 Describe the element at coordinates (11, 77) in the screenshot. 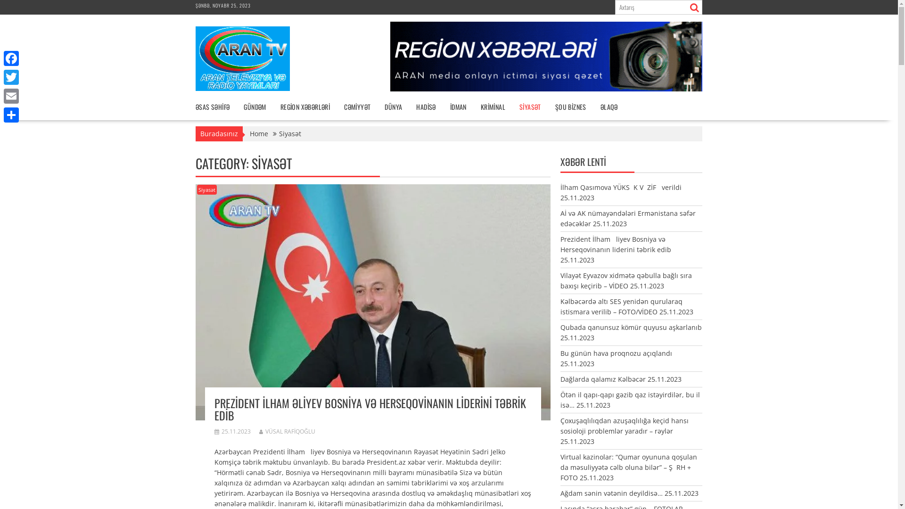

I see `'Twitter'` at that location.